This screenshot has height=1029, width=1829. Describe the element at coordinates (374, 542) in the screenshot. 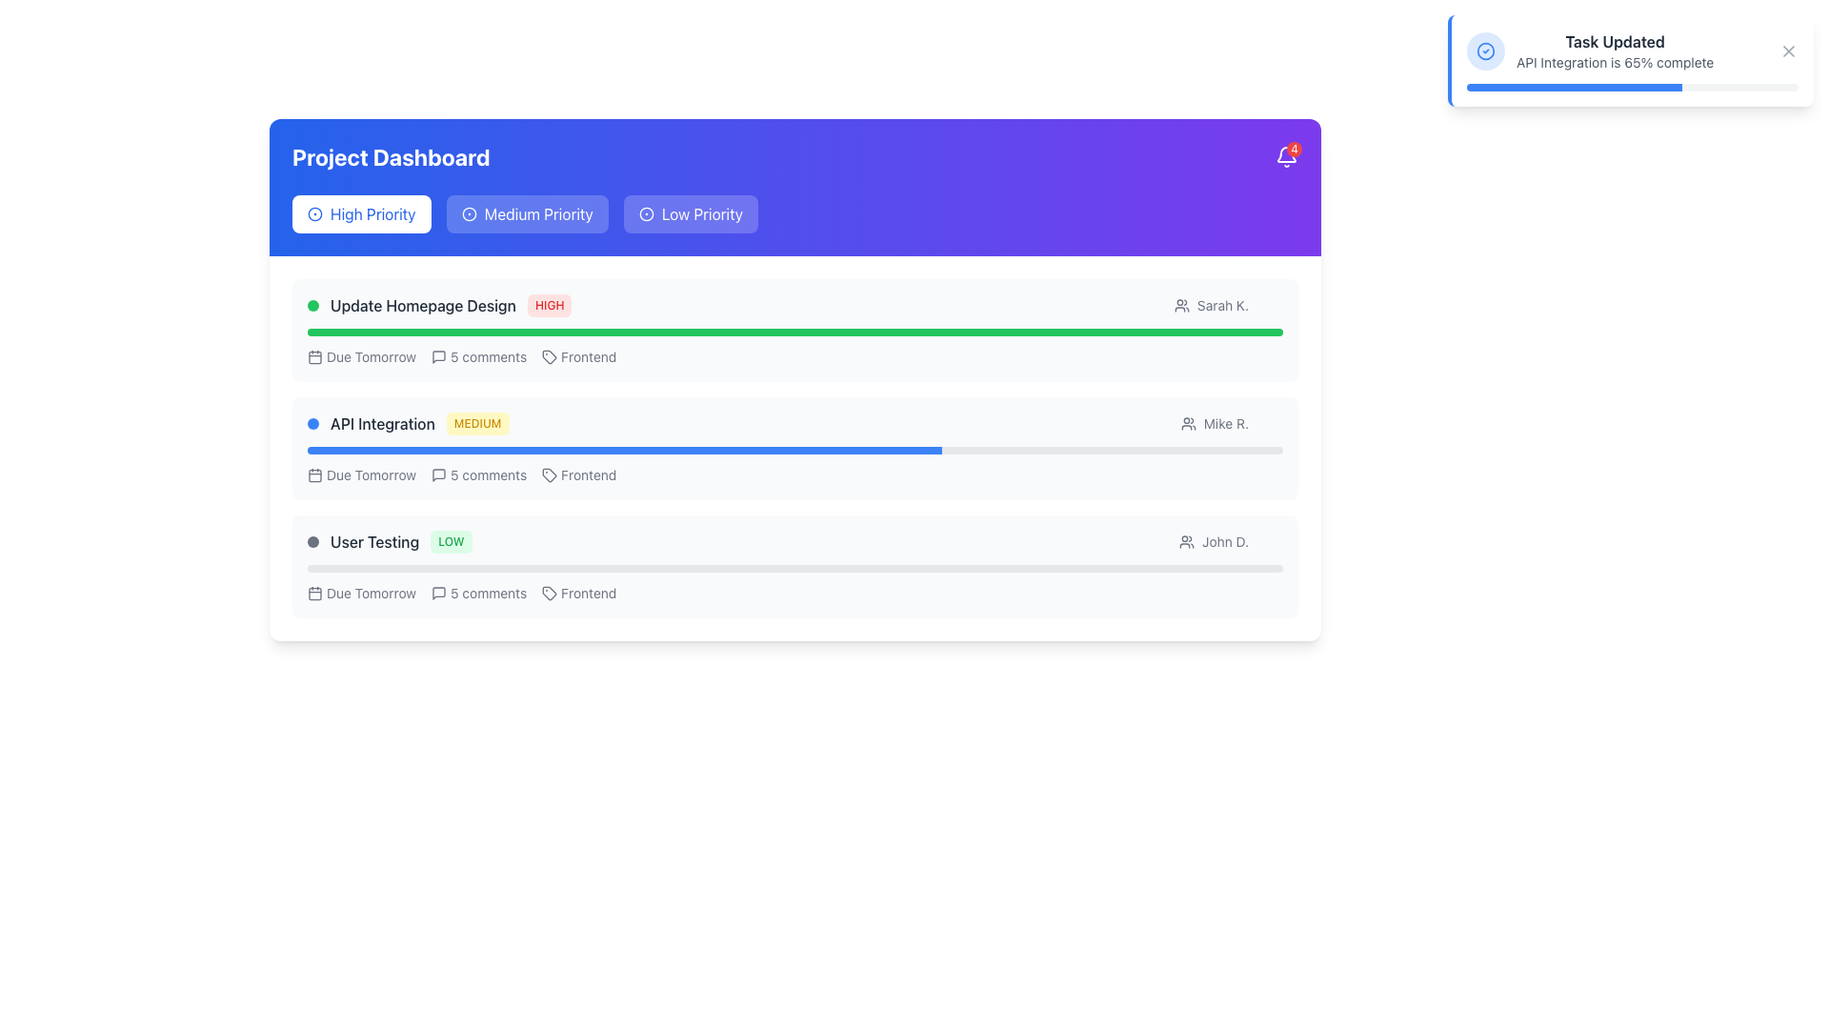

I see `the static text label 'User Testing' which is part of the list item in the third task row, located between a gray status indicator and a green 'LOW' badge` at that location.